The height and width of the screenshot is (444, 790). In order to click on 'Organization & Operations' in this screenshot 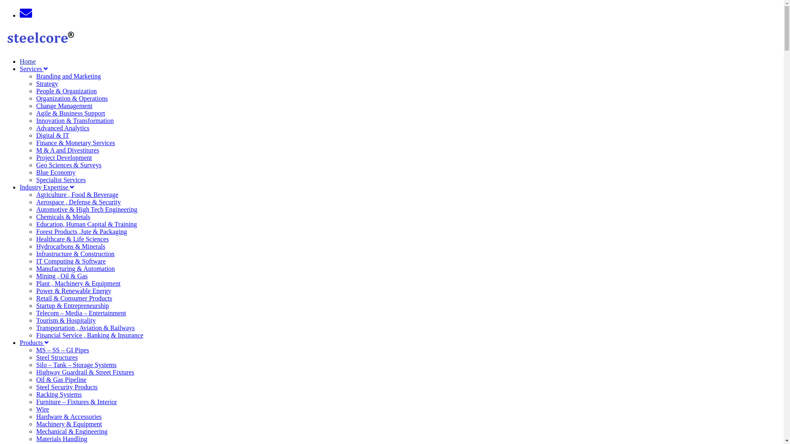, I will do `click(35, 98)`.